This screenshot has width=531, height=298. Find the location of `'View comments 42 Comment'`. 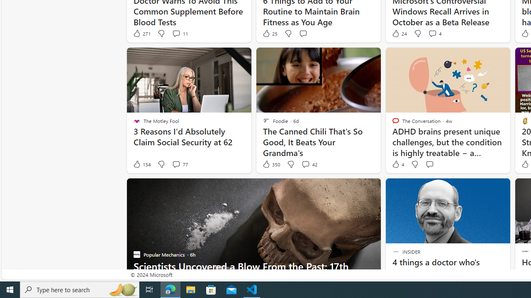

'View comments 42 Comment' is located at coordinates (305, 164).